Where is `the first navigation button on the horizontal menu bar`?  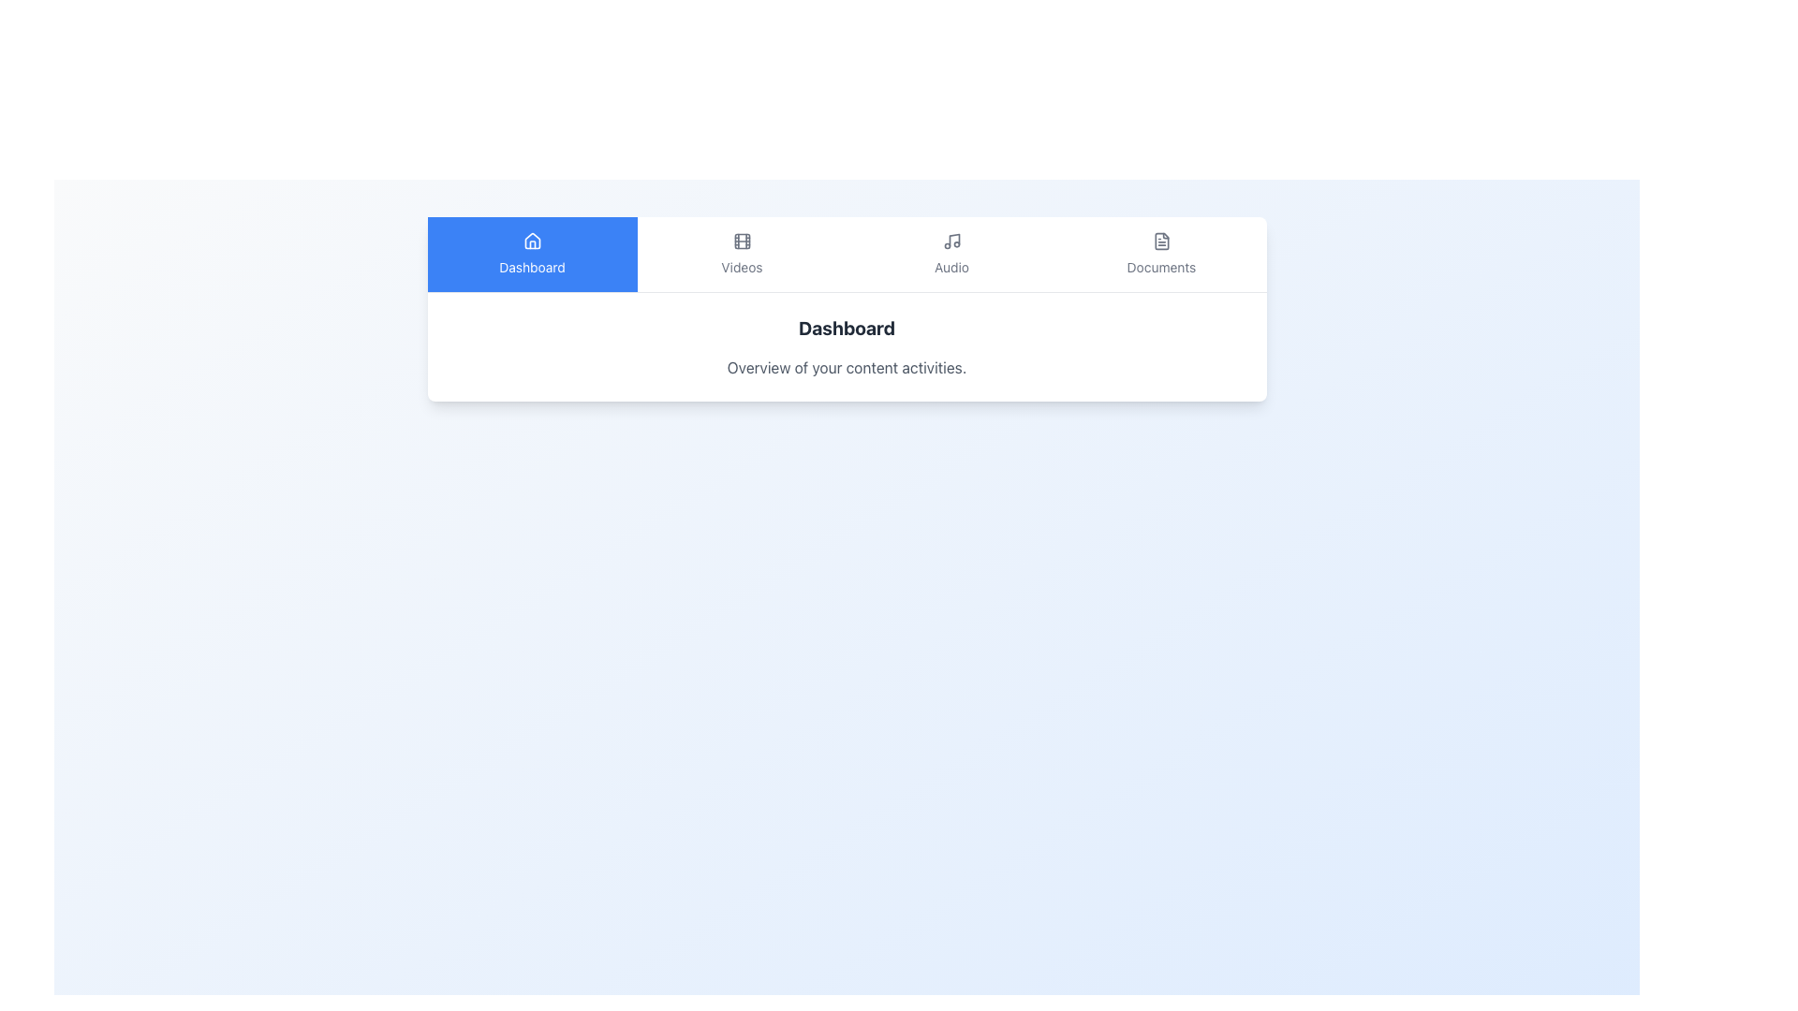 the first navigation button on the horizontal menu bar is located at coordinates (531, 255).